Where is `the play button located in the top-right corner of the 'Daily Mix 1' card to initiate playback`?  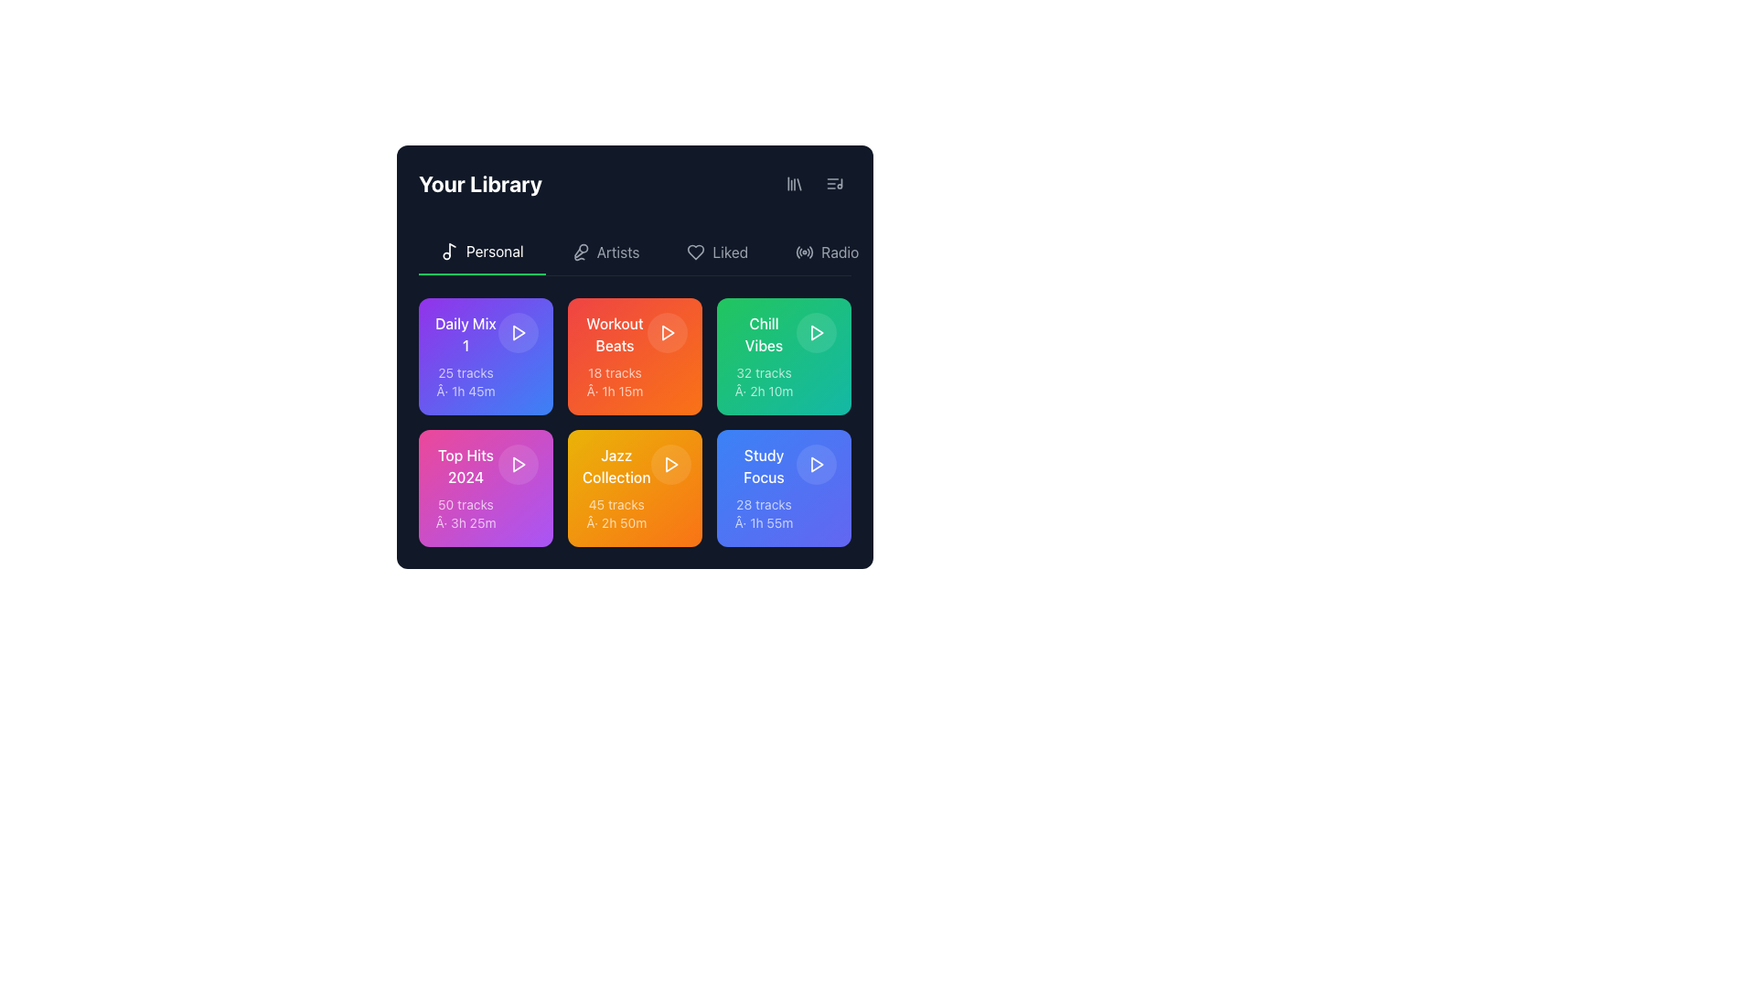 the play button located in the top-right corner of the 'Daily Mix 1' card to initiate playback is located at coordinates (517, 332).